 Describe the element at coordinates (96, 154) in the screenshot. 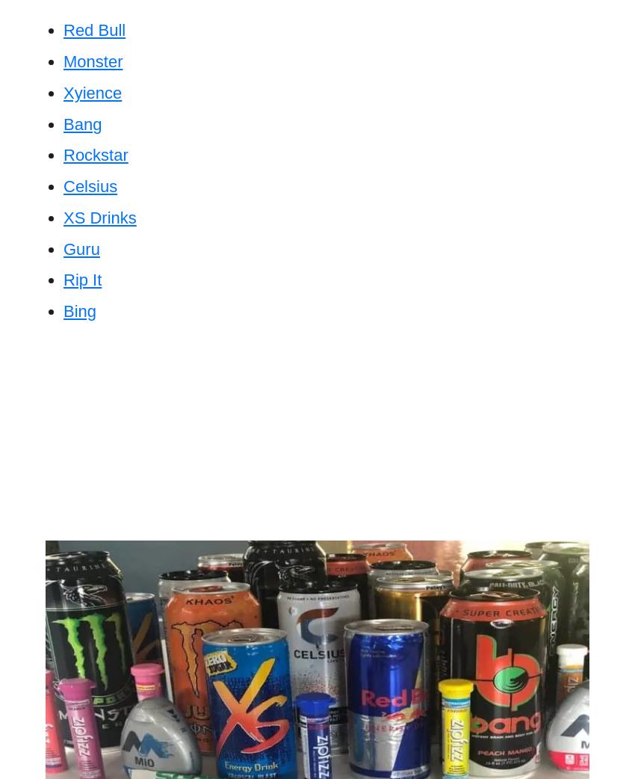

I see `'Rockstar'` at that location.